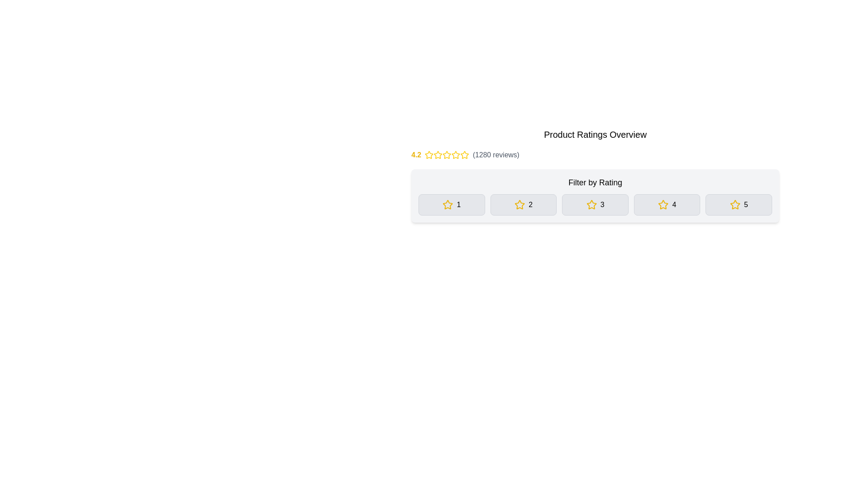  What do you see at coordinates (447, 154) in the screenshot?
I see `the third star icon in the horizontal sequence of five rating stars, which represents a rating level` at bounding box center [447, 154].